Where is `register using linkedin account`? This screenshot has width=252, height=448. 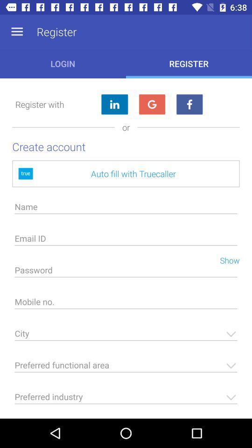 register using linkedin account is located at coordinates (114, 105).